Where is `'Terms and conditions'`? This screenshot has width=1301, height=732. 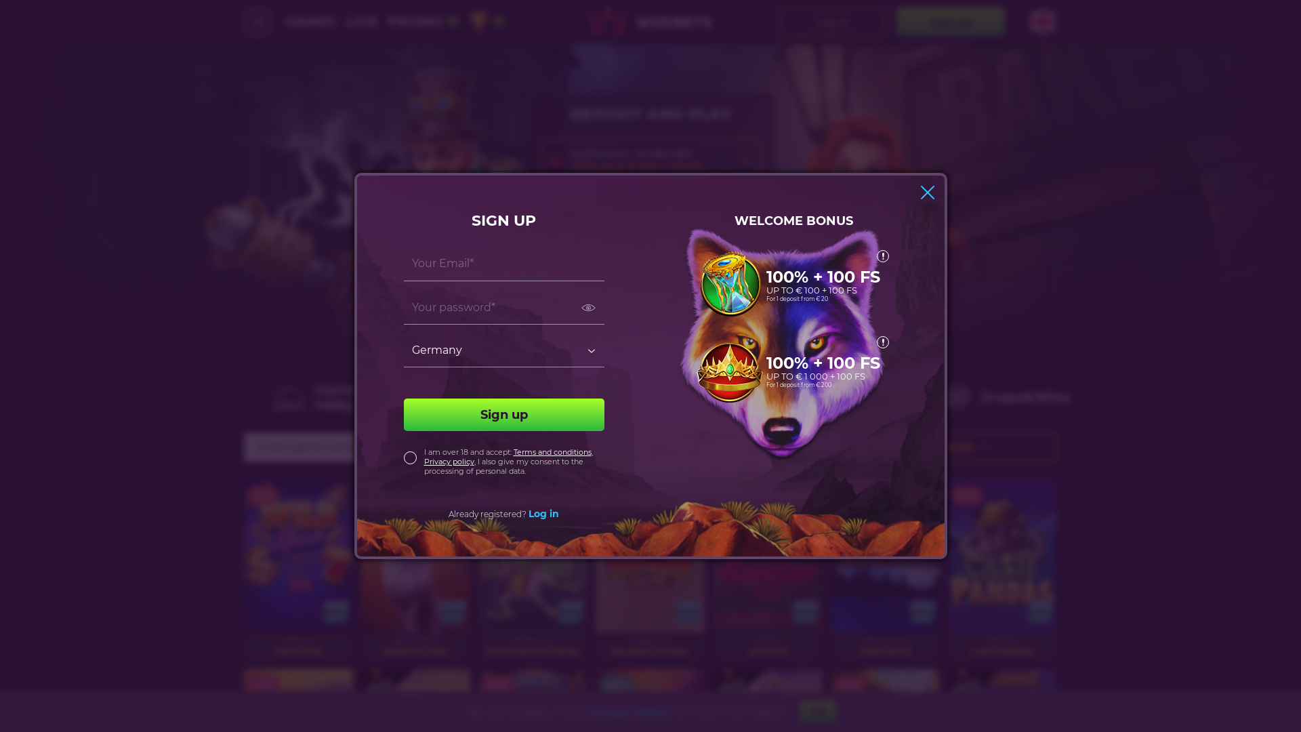 'Terms and conditions' is located at coordinates (552, 452).